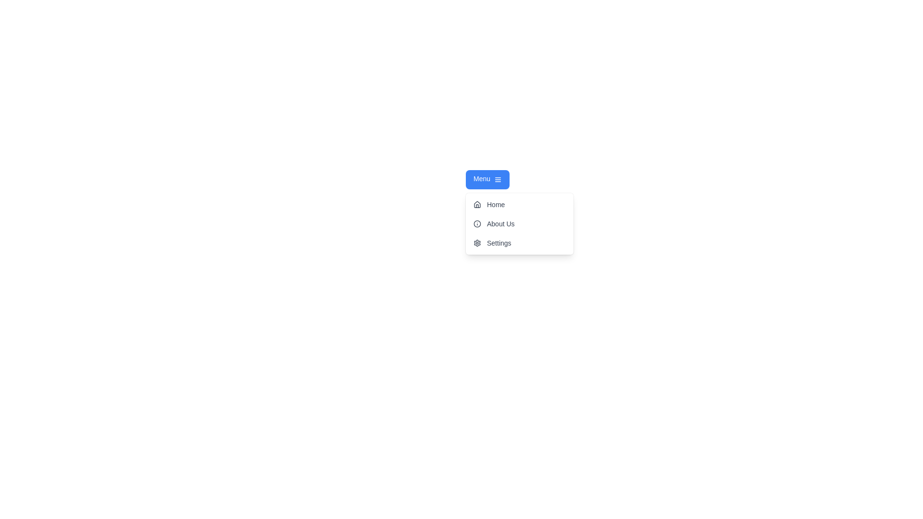 Image resolution: width=923 pixels, height=519 pixels. What do you see at coordinates (519, 204) in the screenshot?
I see `the first navigation menu item located directly below the blue 'Menu' button to activate it` at bounding box center [519, 204].